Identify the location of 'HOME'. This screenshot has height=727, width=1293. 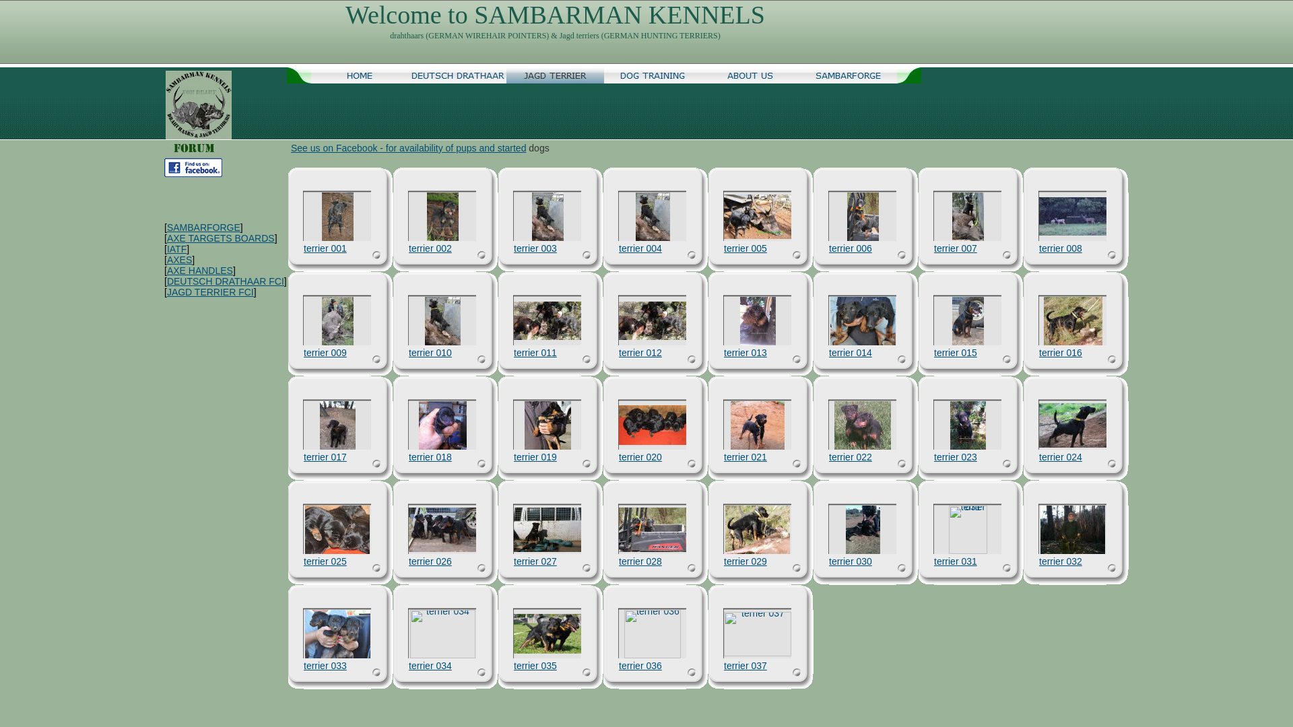
(360, 75).